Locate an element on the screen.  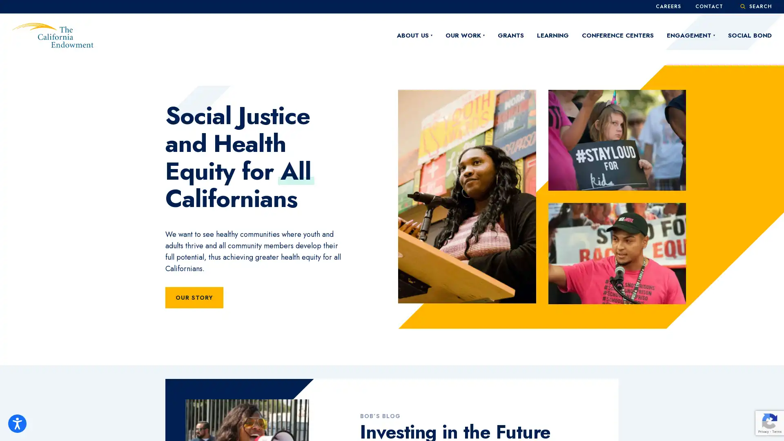
Open accessibility options, statement and help is located at coordinates (17, 423).